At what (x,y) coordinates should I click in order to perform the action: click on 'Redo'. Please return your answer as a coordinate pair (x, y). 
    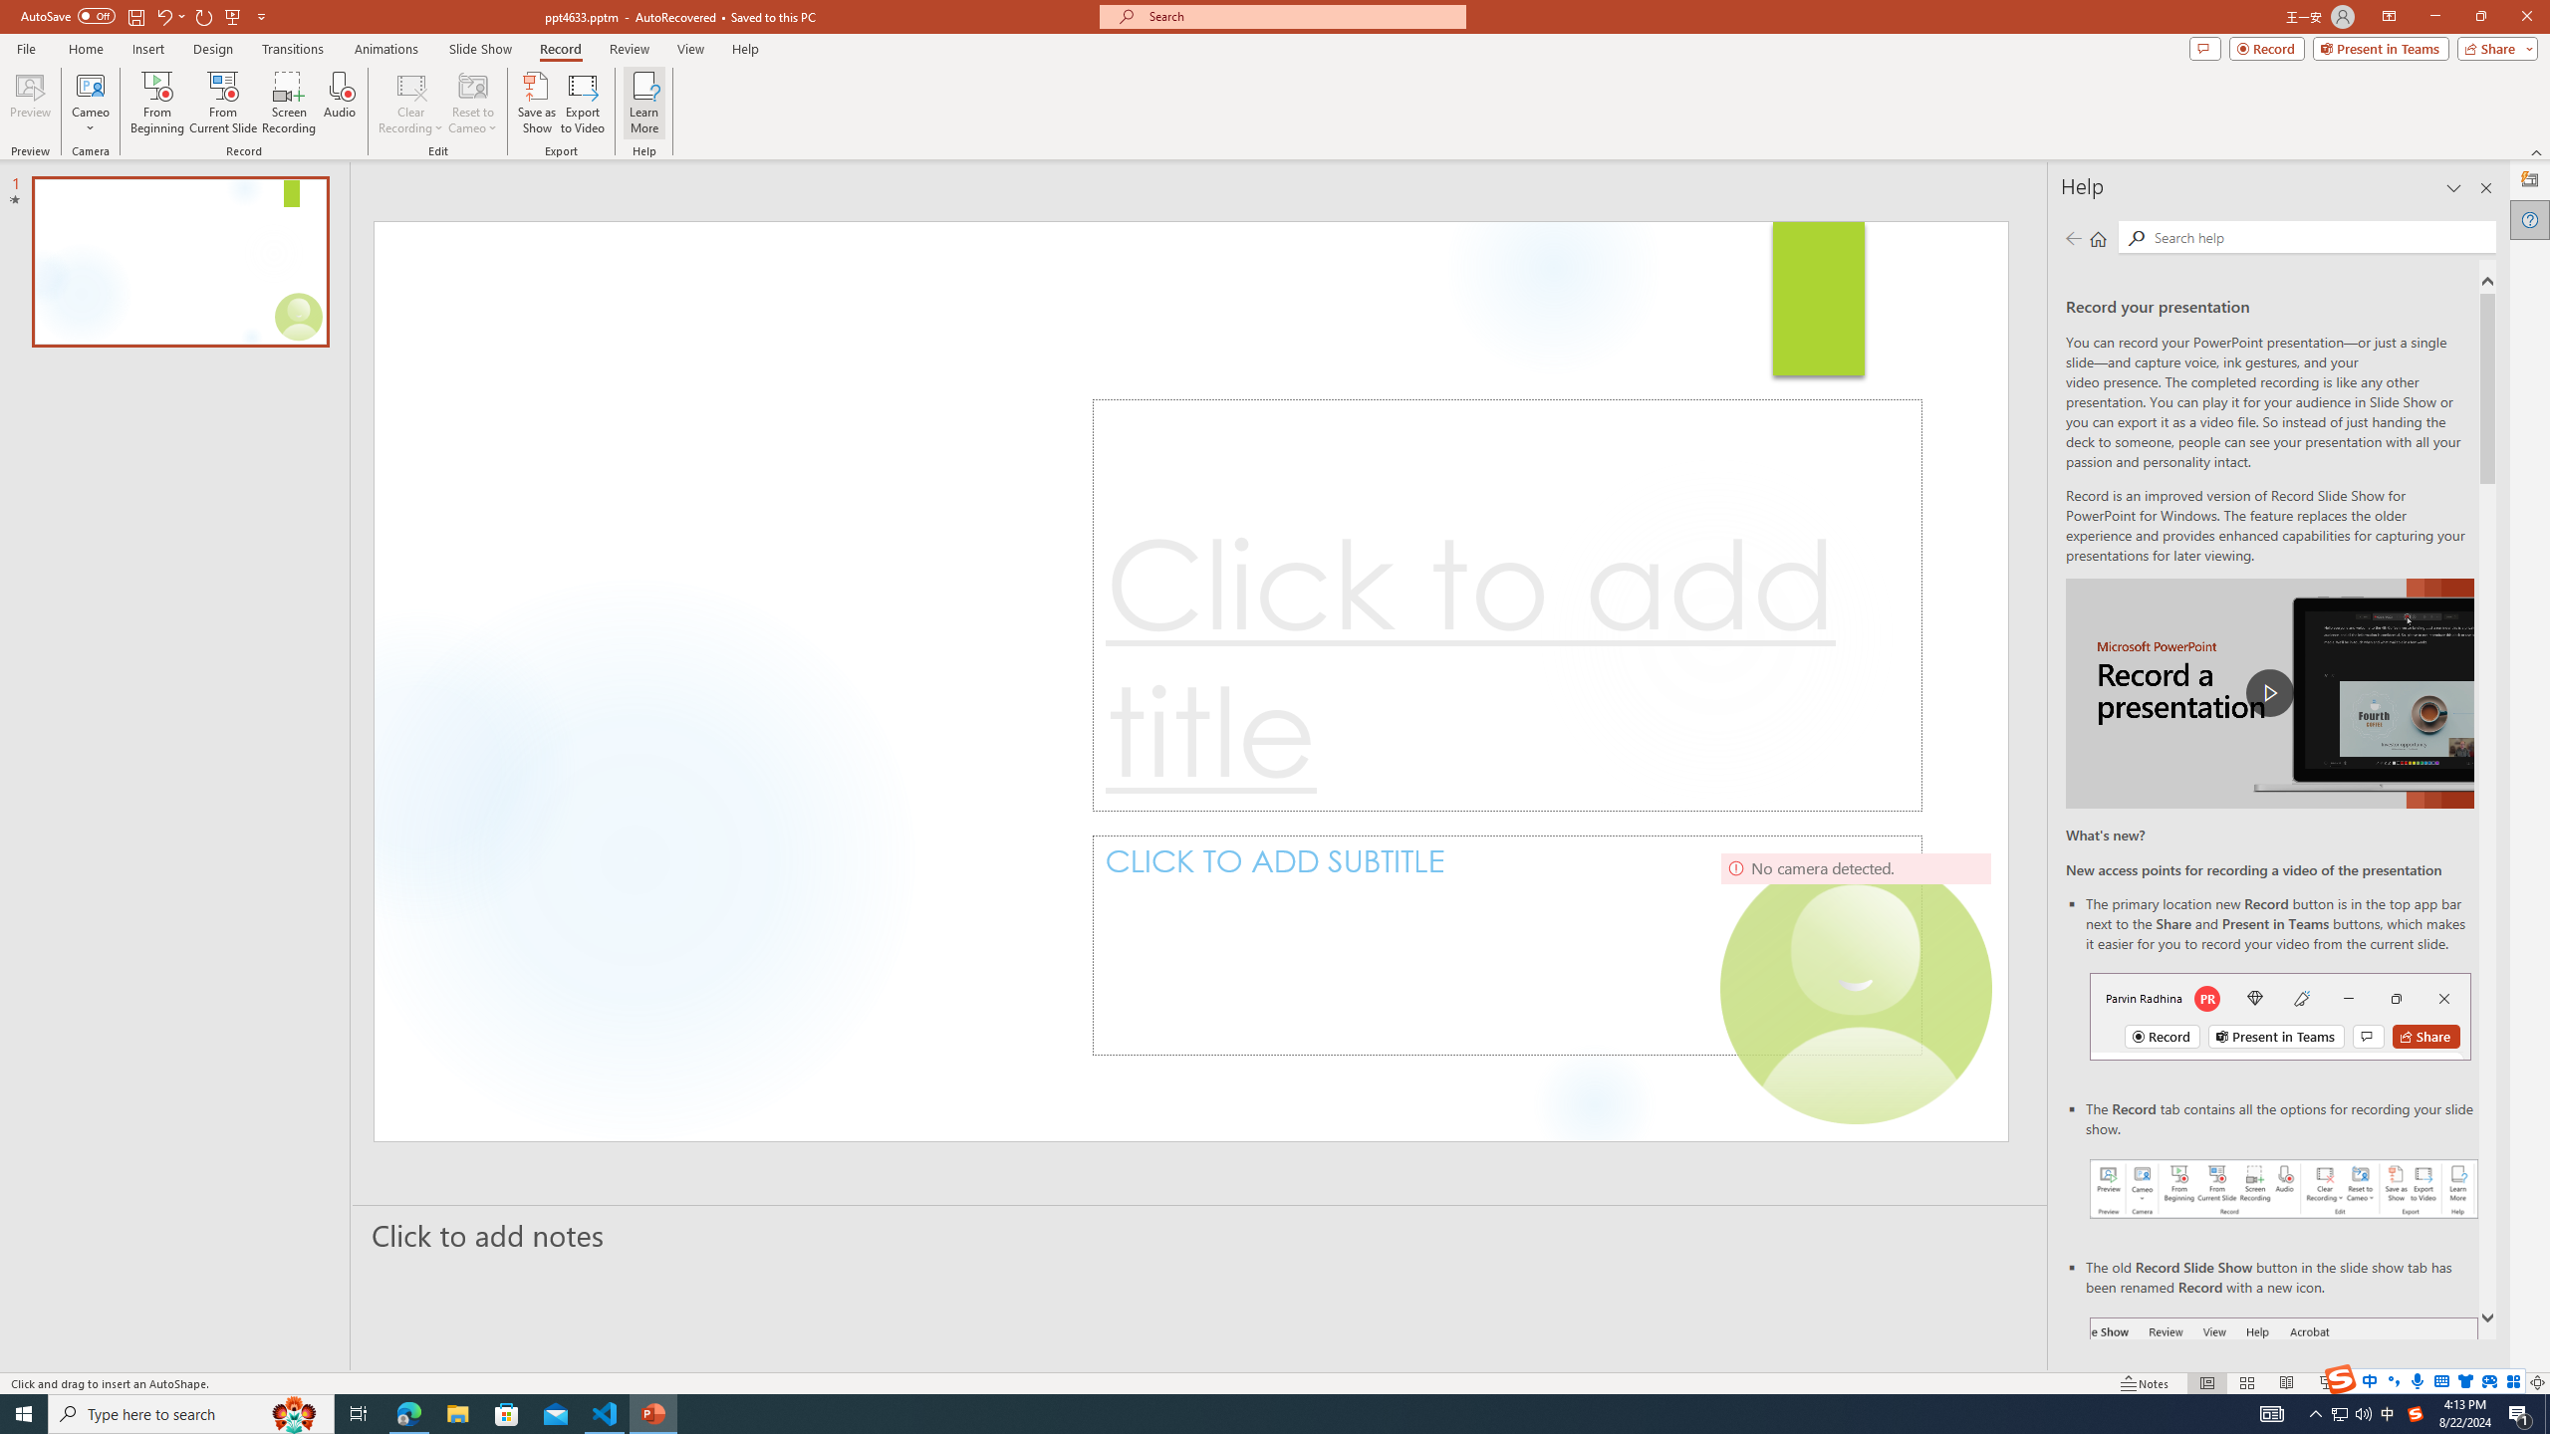
    Looking at the image, I should click on (204, 15).